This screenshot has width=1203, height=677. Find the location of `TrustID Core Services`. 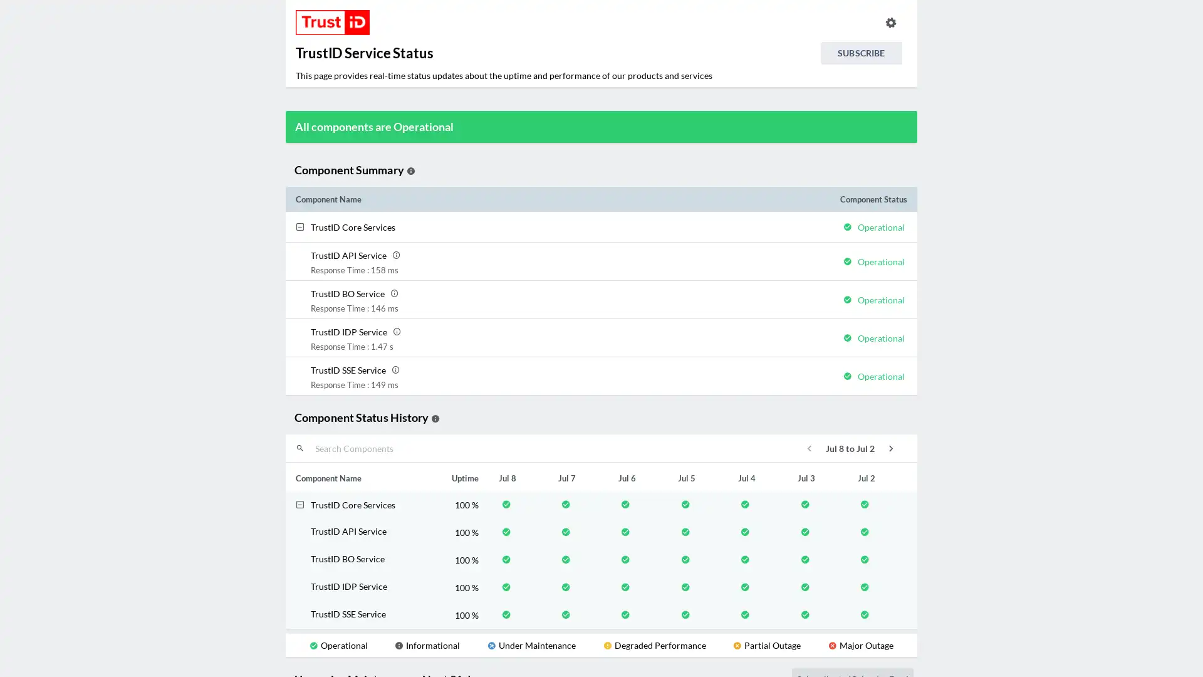

TrustID Core Services is located at coordinates (525, 227).